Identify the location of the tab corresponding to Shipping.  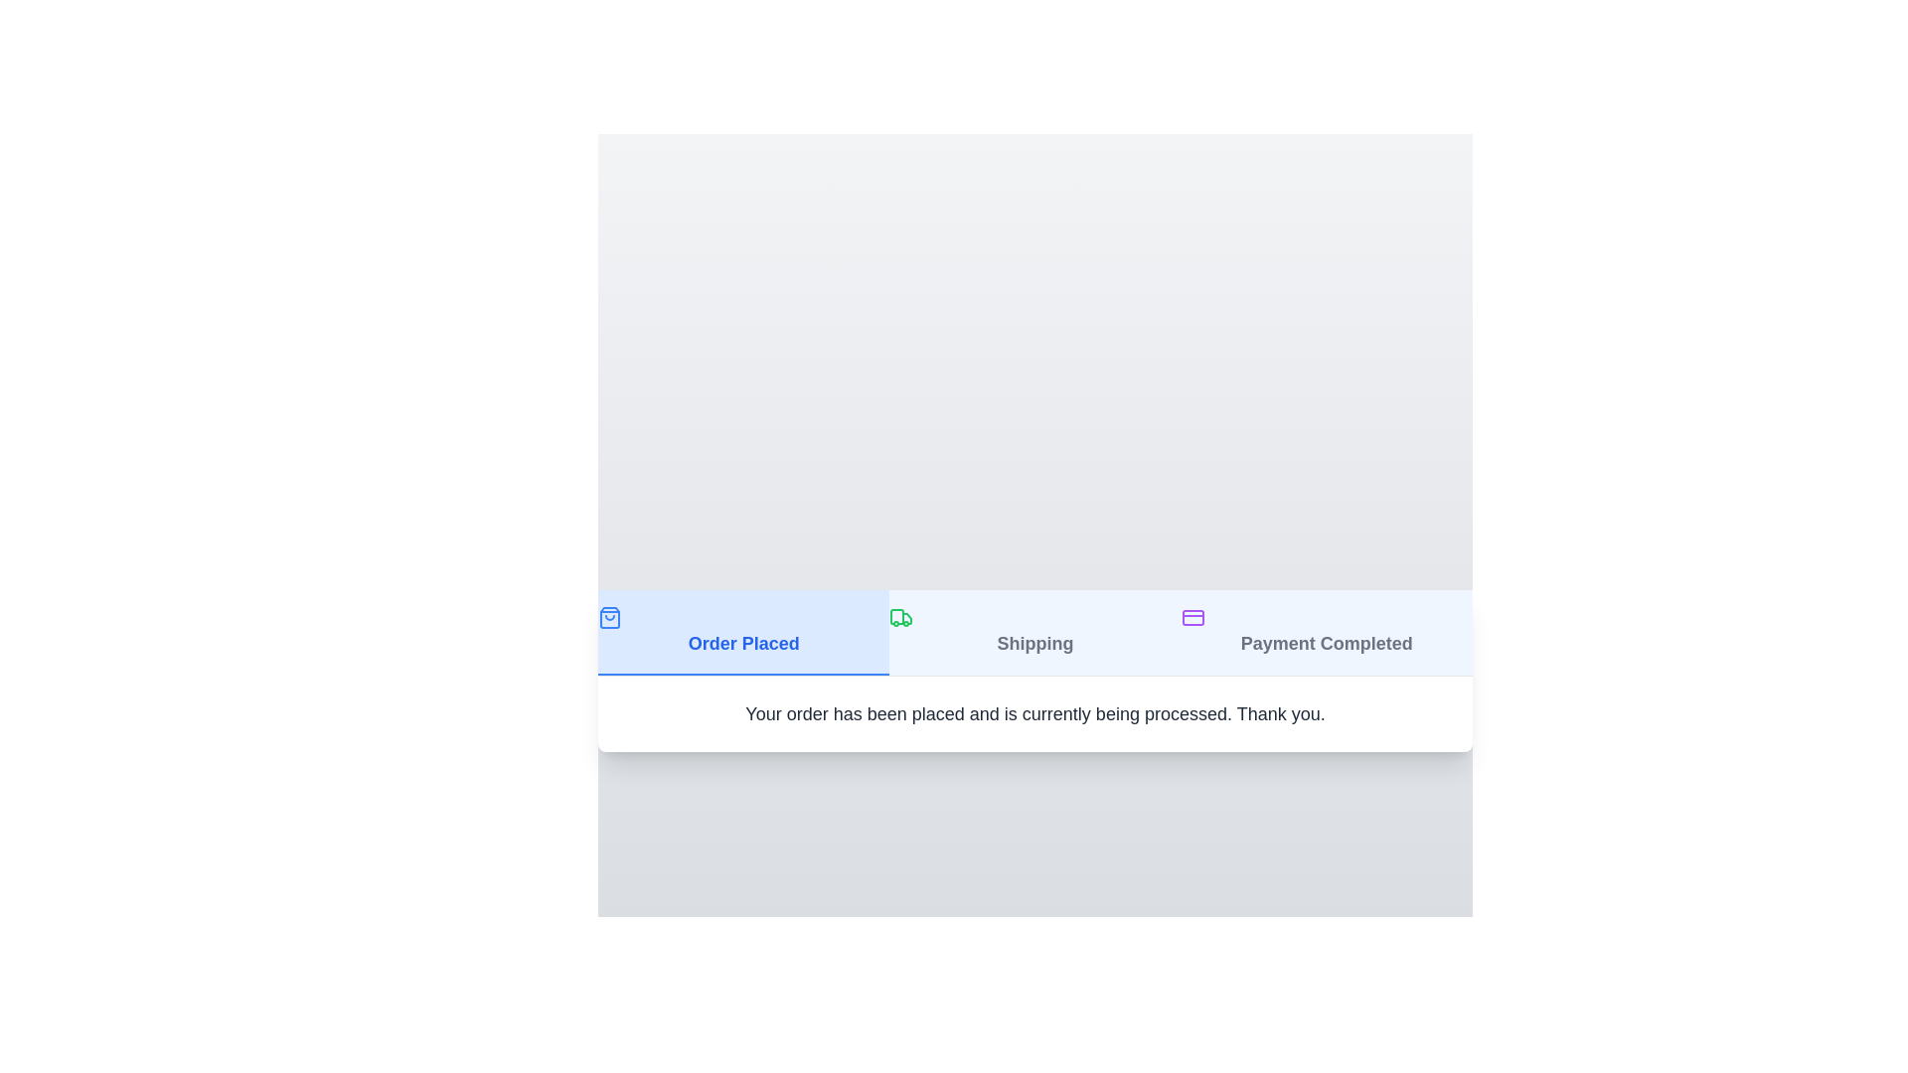
(1033, 632).